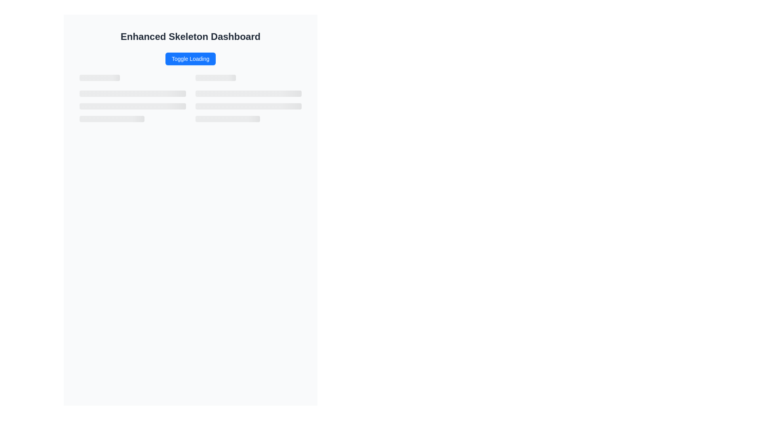 This screenshot has width=760, height=427. I want to click on the toggle button located centrally beneath the title 'Enhanced Skeleton Dashboard', so click(190, 59).